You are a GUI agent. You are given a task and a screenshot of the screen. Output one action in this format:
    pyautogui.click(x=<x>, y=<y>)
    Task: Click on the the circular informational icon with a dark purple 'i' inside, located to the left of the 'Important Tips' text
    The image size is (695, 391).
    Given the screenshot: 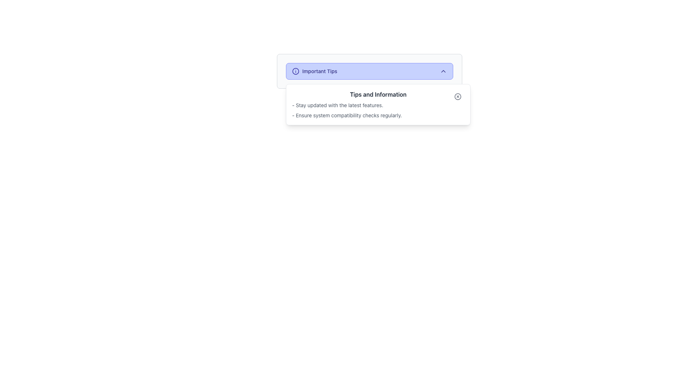 What is the action you would take?
    pyautogui.click(x=295, y=71)
    